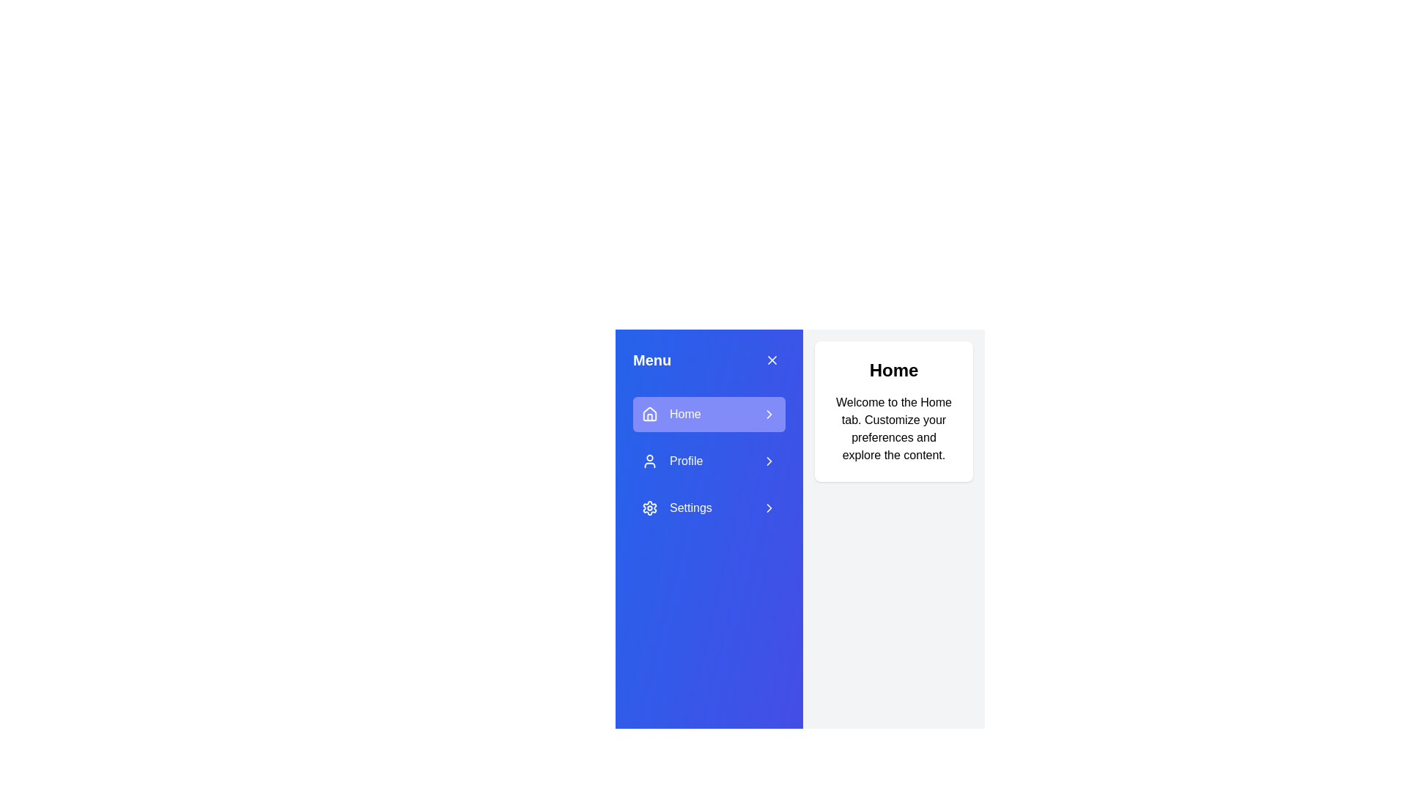  I want to click on the rightward-pointing chevron arrow icon located to the right of the 'Profile' text in the sidebar menu, so click(769, 460).